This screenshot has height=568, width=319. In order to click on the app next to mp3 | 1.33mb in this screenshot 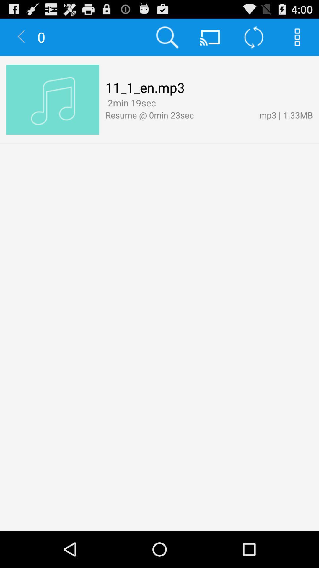, I will do `click(179, 115)`.